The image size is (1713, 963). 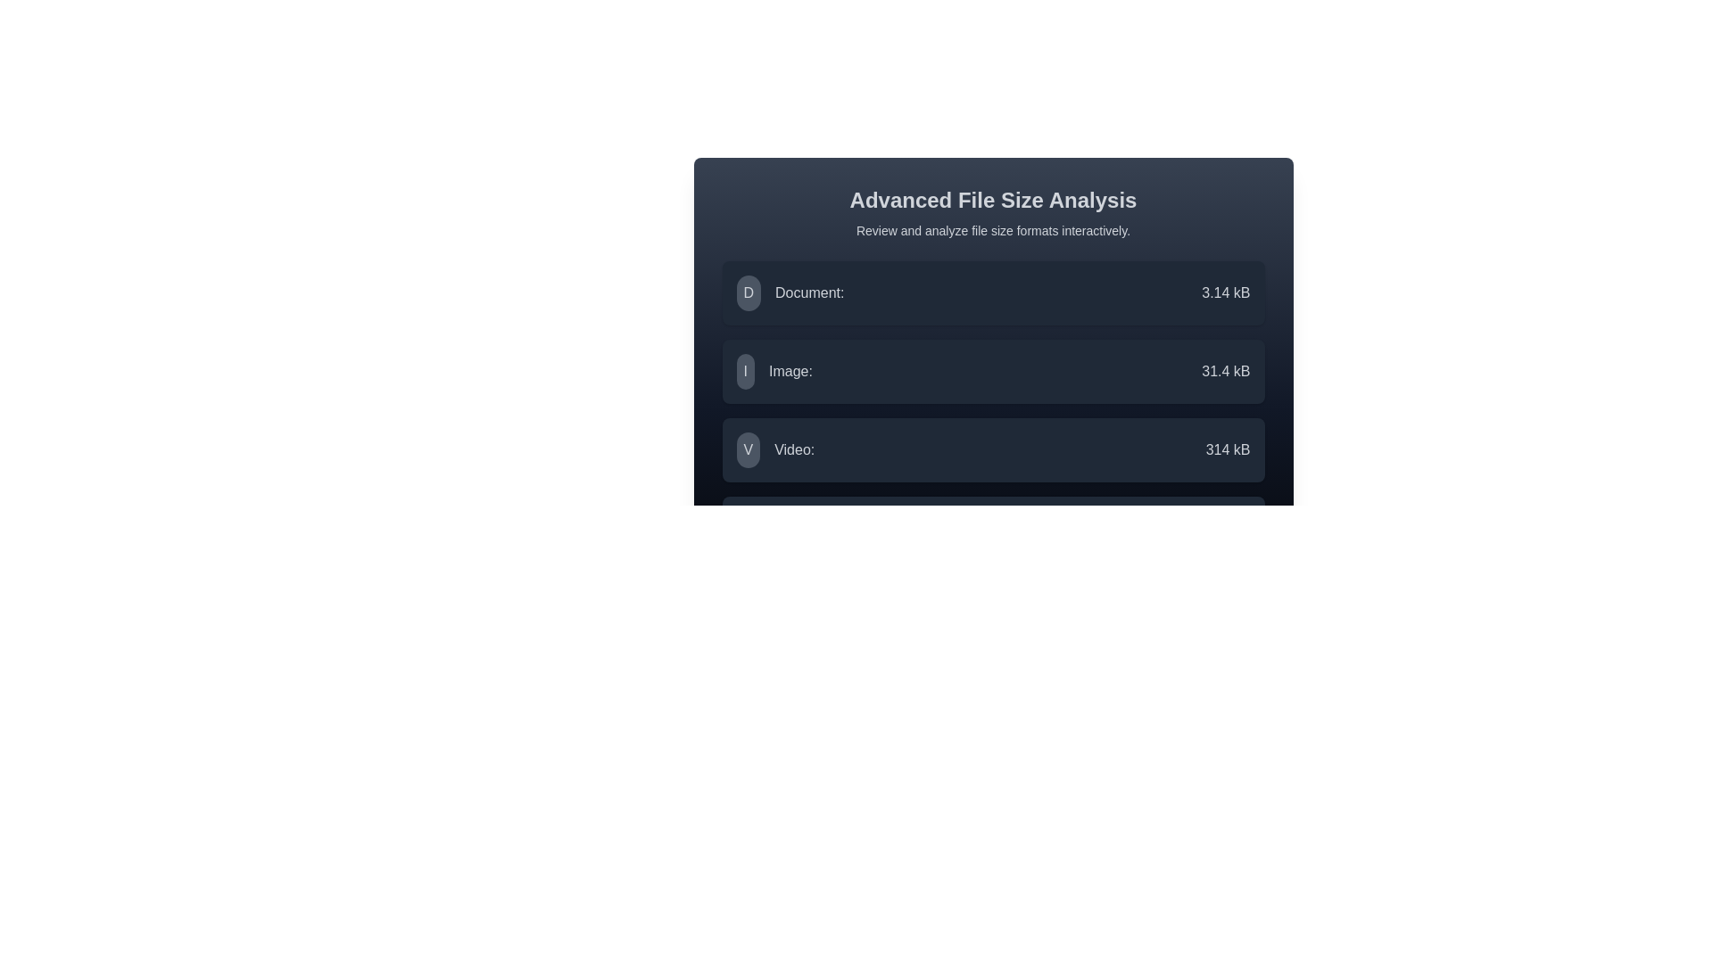 I want to click on the Text Label that denotes the title or heading for the following content, located at the top-center of its containing section, so click(x=992, y=200).